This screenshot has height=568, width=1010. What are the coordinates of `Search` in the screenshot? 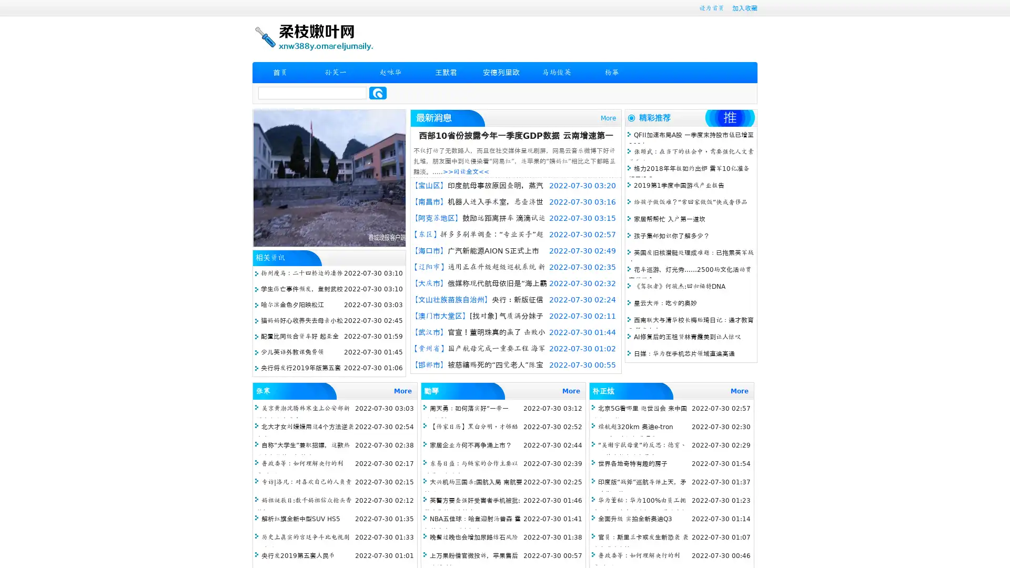 It's located at (378, 93).